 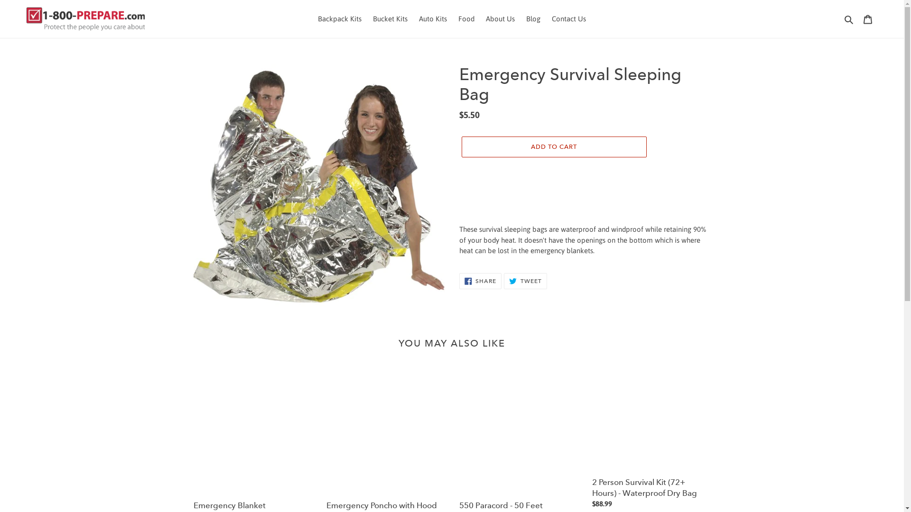 What do you see at coordinates (867, 18) in the screenshot?
I see `'Cart'` at bounding box center [867, 18].